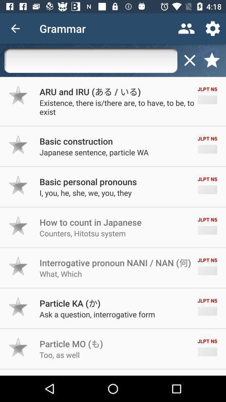 The width and height of the screenshot is (226, 402). I want to click on the icon below the basic construction icon, so click(93, 152).